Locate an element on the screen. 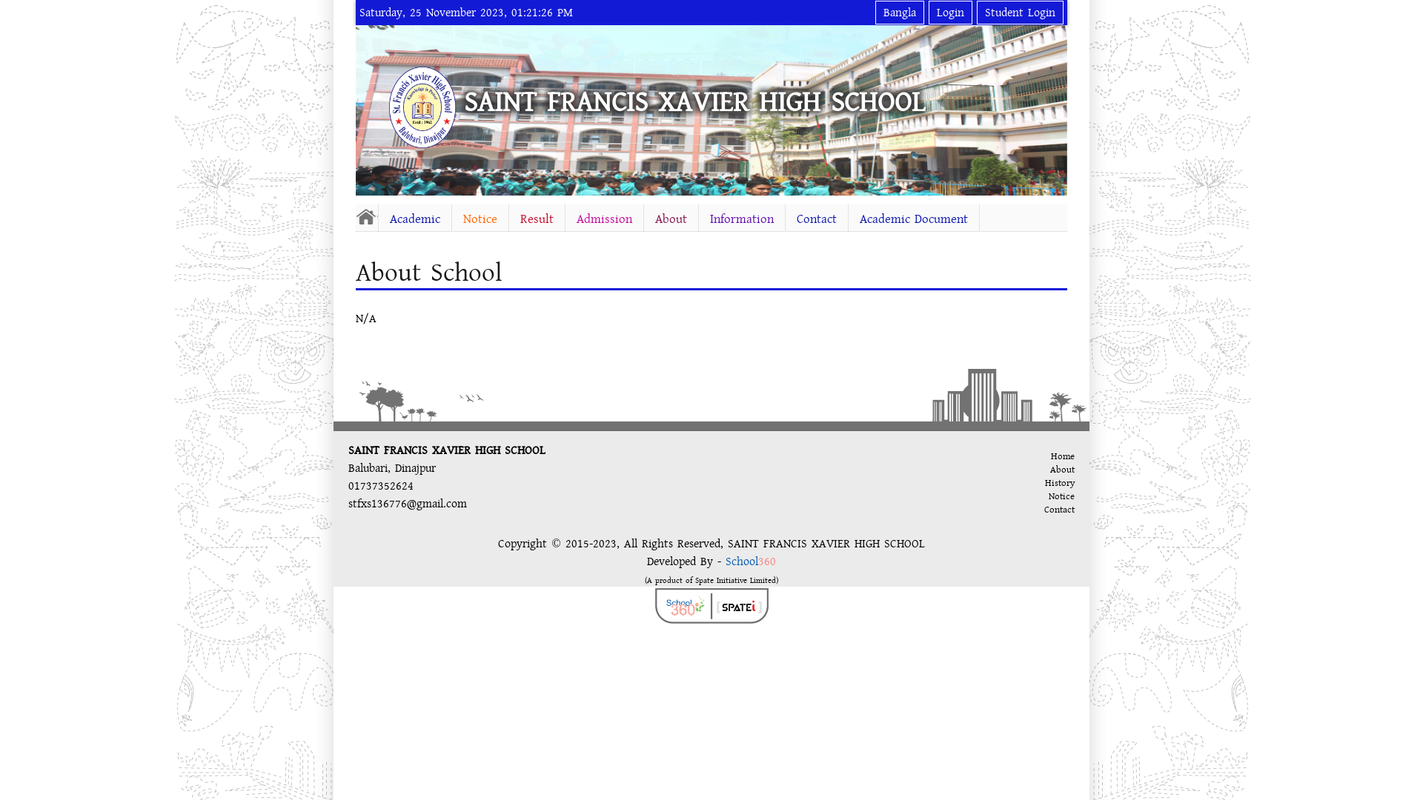 The height and width of the screenshot is (800, 1423). ' is located at coordinates (366, 216).